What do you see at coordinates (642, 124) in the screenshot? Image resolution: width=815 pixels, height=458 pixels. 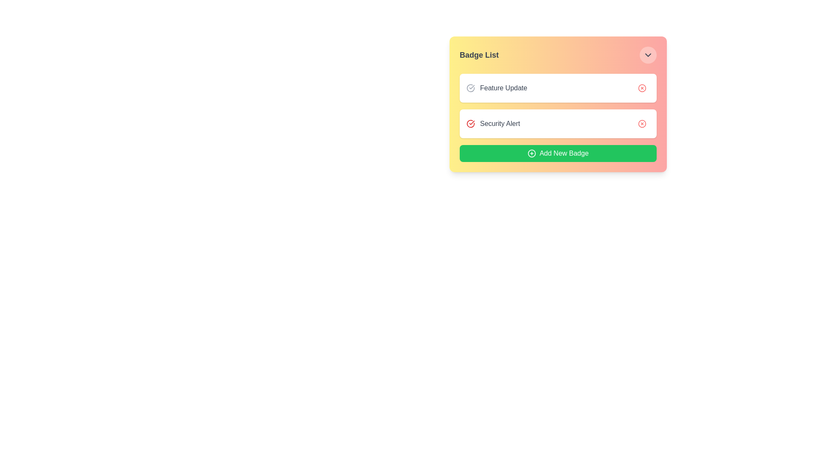 I see `the graphical icon, a circle representing the 'Security Alert' badge, located in the second row of the 'Badge List' interface` at bounding box center [642, 124].